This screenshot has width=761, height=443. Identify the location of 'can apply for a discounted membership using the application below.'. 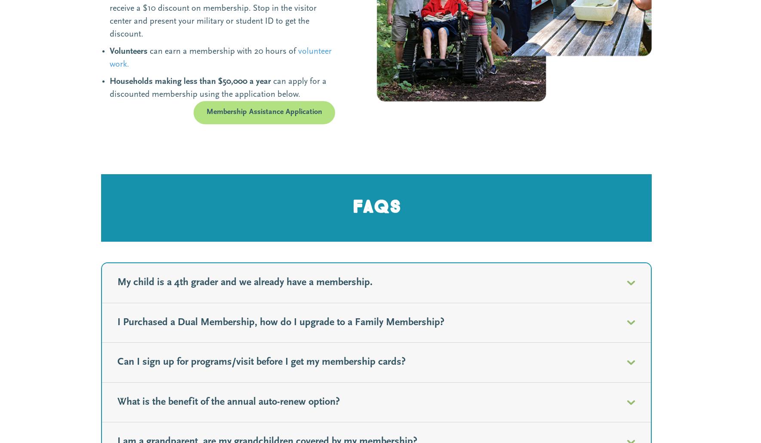
(217, 88).